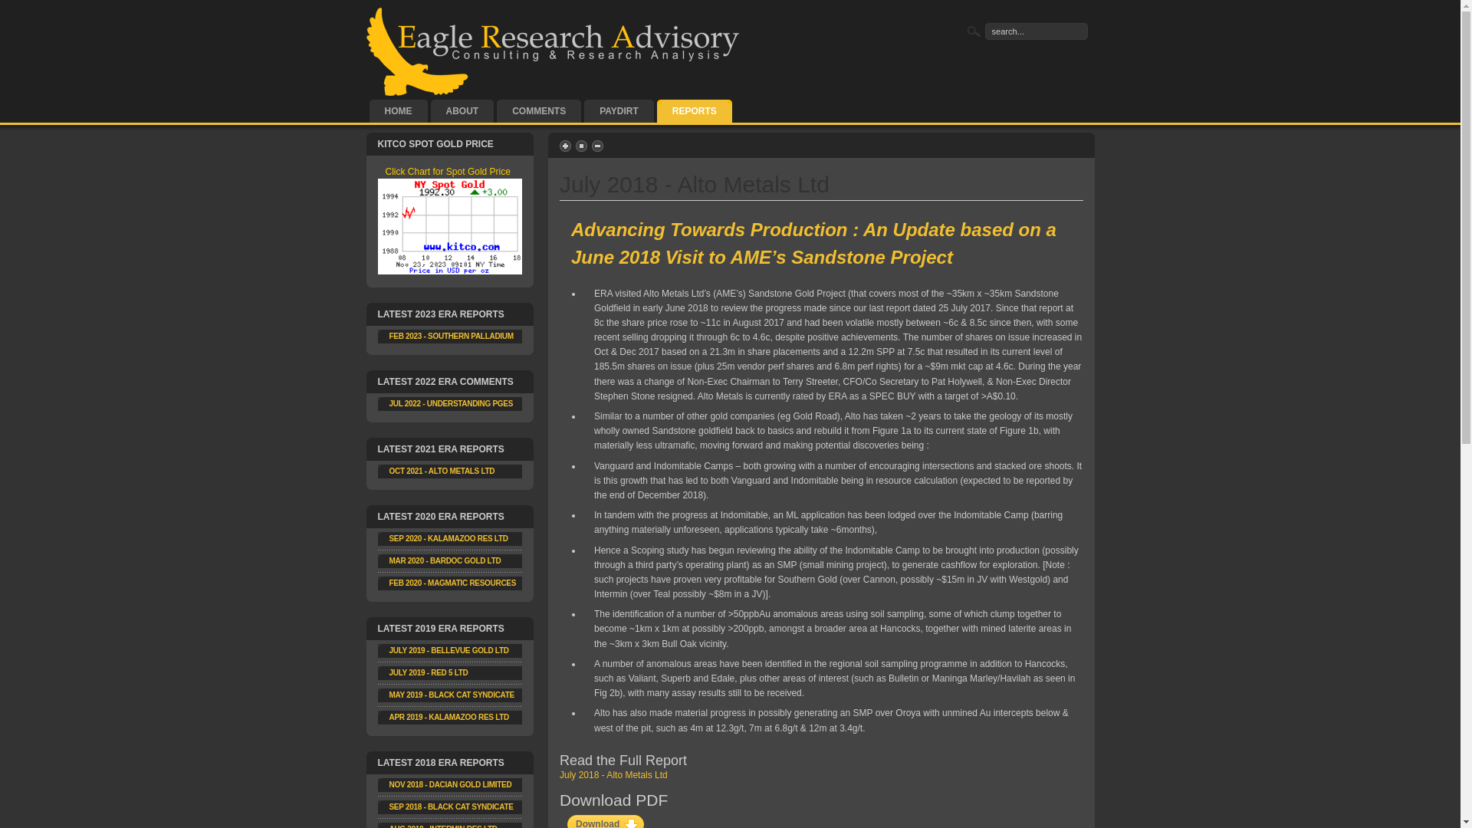  I want to click on 'FEB 2020 - MAGMATIC RESOURCES', so click(389, 583).